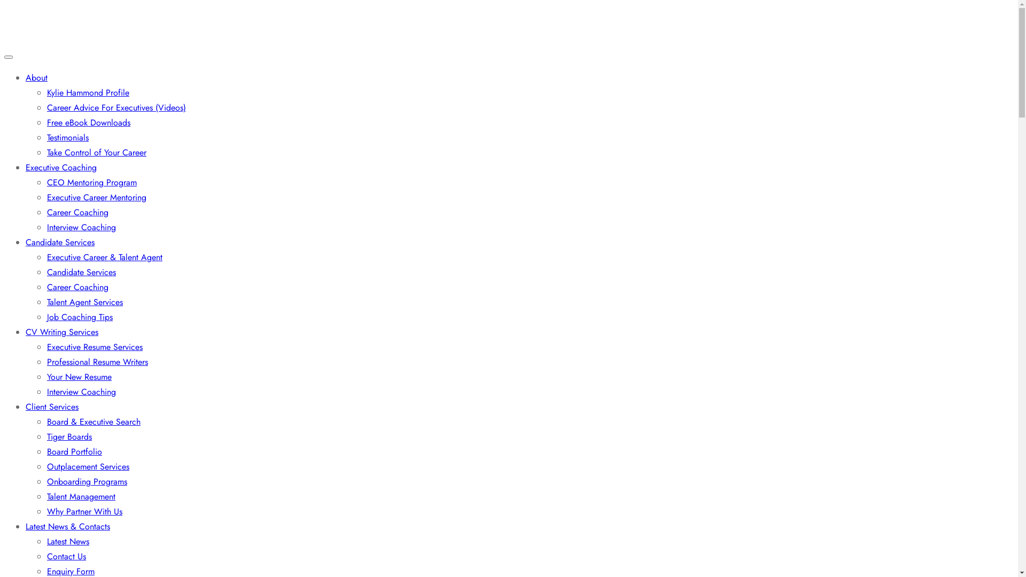 The width and height of the screenshot is (1026, 577). I want to click on 'Onboarding Programs', so click(87, 481).